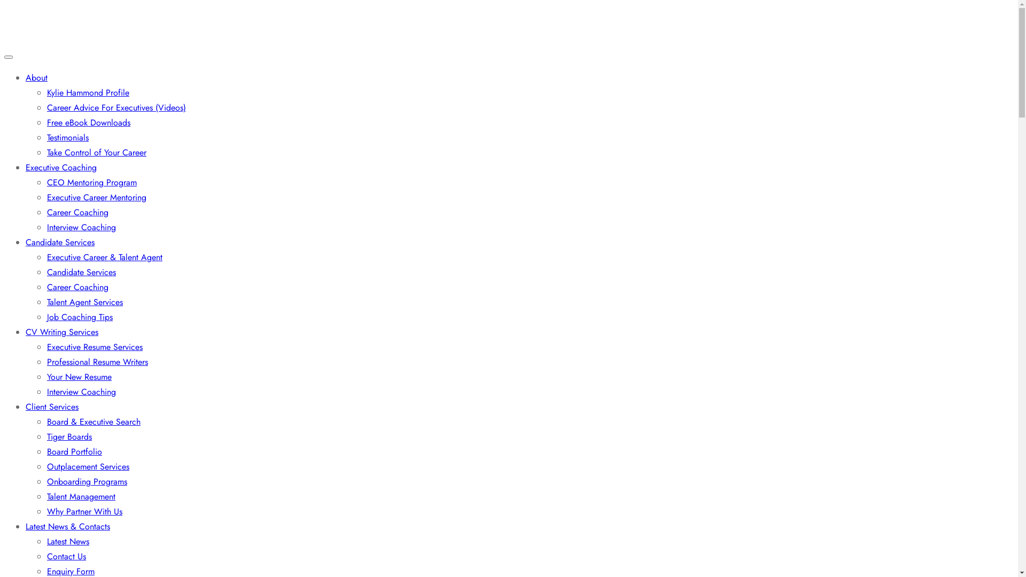 The width and height of the screenshot is (1026, 577). I want to click on 'Onboarding Programs', so click(87, 481).